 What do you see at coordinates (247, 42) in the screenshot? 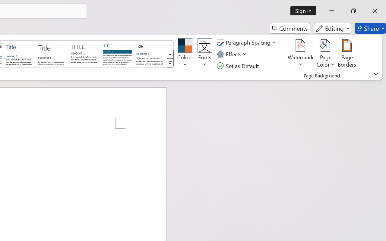
I see `'Paragraph Spacing'` at bounding box center [247, 42].